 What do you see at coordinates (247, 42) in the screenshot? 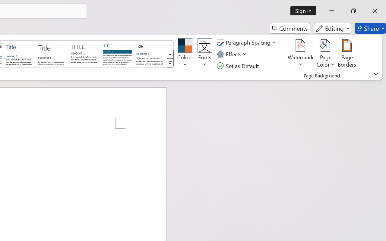
I see `'Paragraph Spacing'` at bounding box center [247, 42].